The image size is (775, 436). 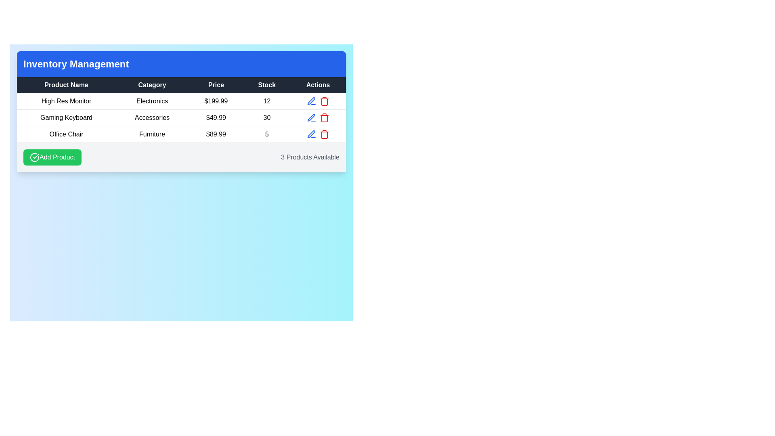 What do you see at coordinates (66, 101) in the screenshot?
I see `the 'Product Name' text label in the first row of the 'Inventory Management' table to identify the product being displayed` at bounding box center [66, 101].